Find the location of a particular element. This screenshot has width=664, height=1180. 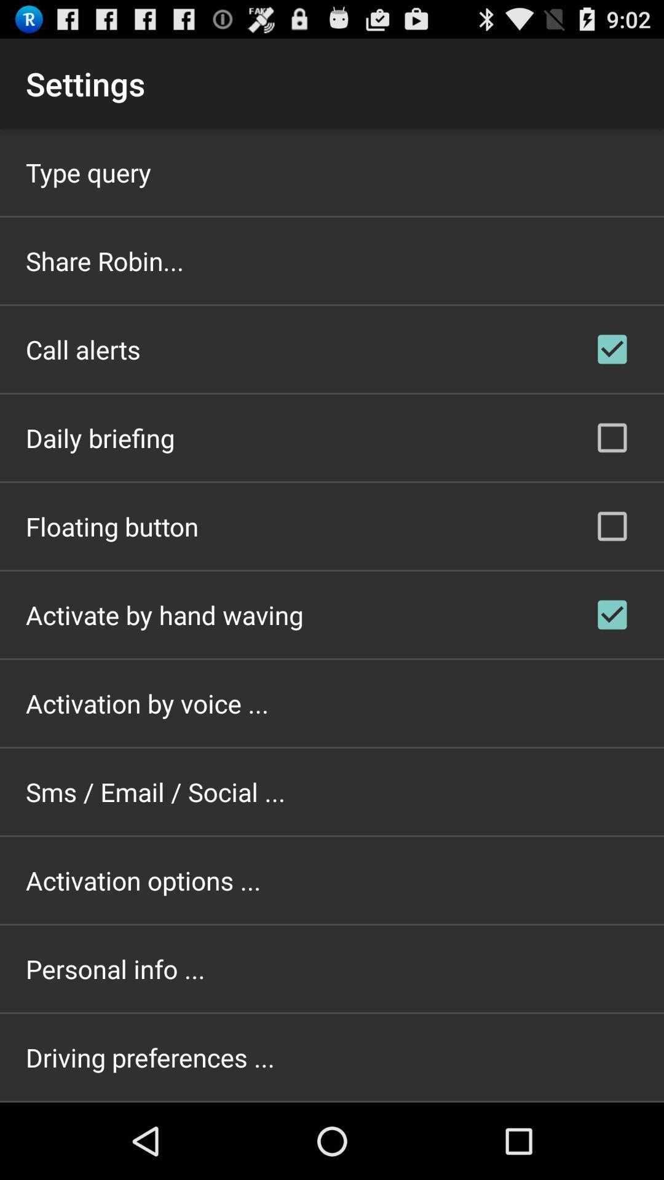

the daily briefing icon is located at coordinates (100, 438).